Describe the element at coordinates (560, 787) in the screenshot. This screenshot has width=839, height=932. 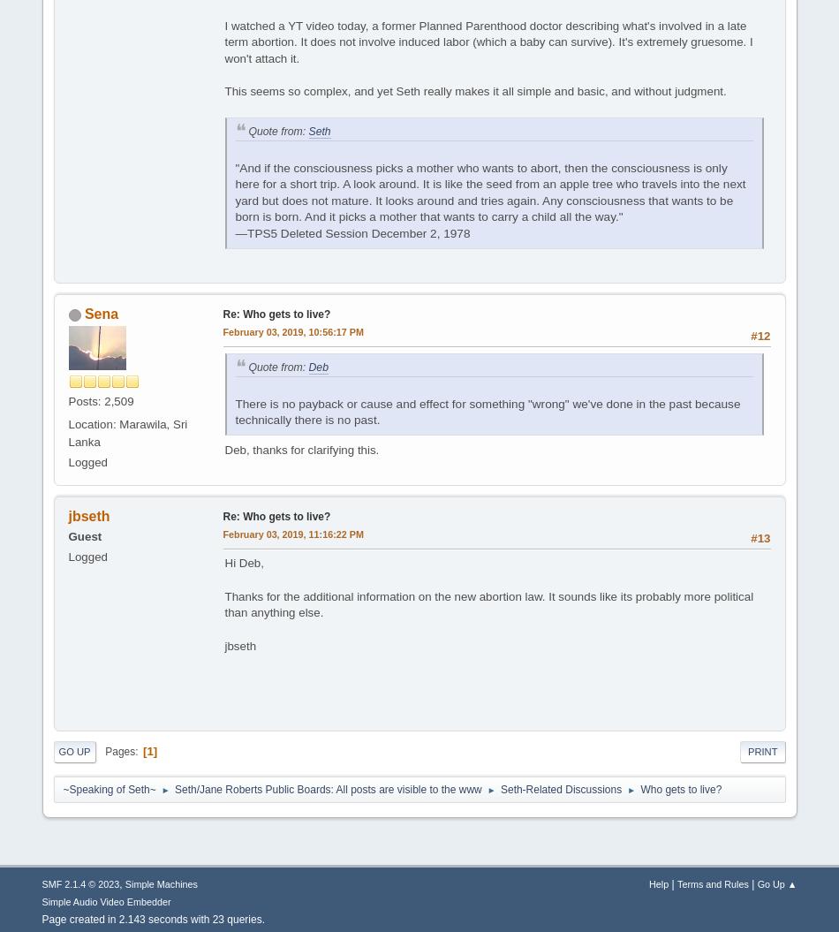
I see `'Seth-Related Discussions'` at that location.